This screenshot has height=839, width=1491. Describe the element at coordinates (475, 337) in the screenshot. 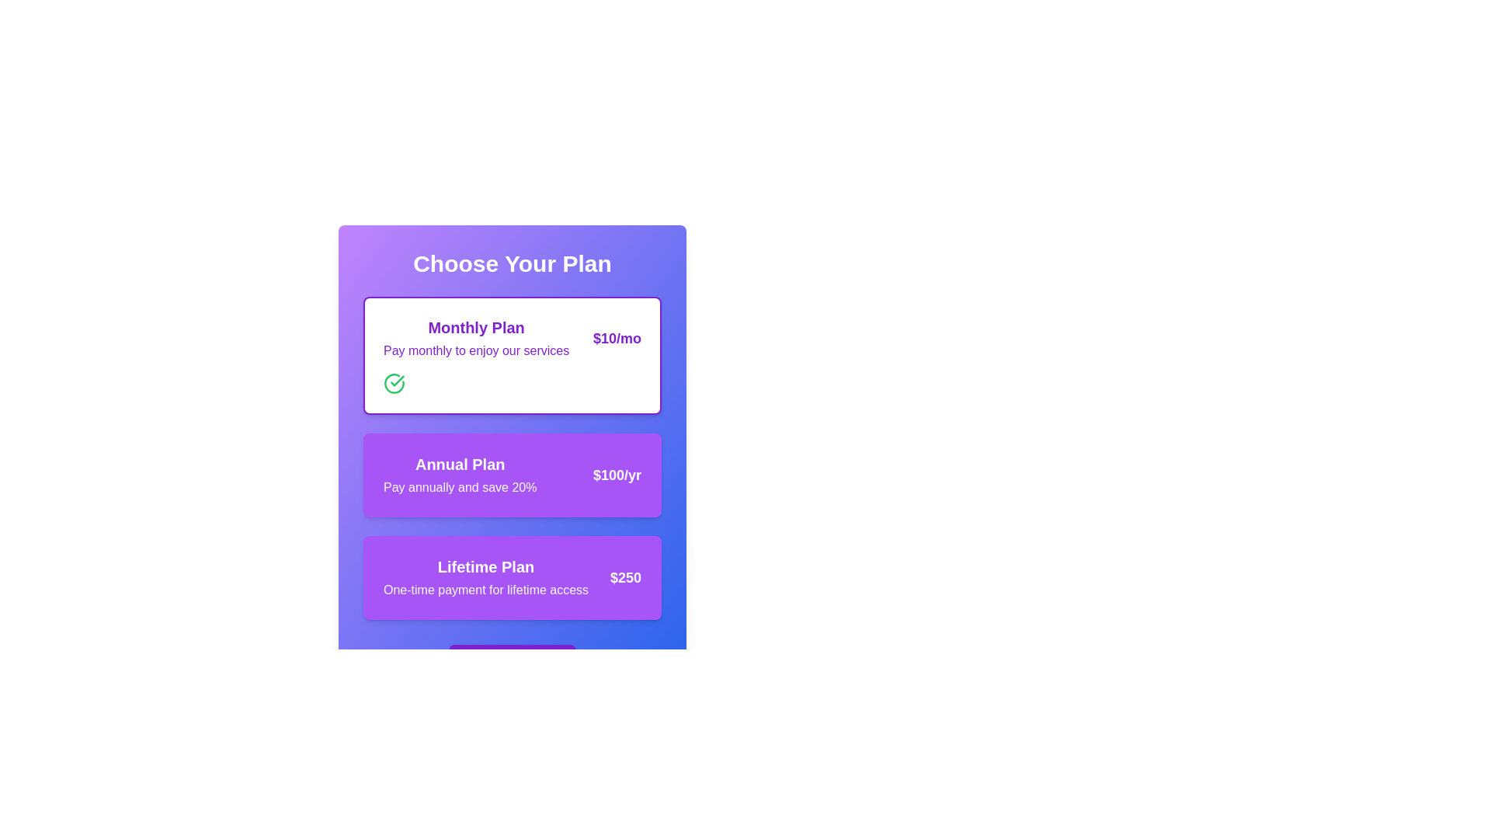

I see `the text block titled 'Monthly Plan' with the subtitle 'Pay monthly to enjoy our services.' located in the pricing plans panel` at that location.